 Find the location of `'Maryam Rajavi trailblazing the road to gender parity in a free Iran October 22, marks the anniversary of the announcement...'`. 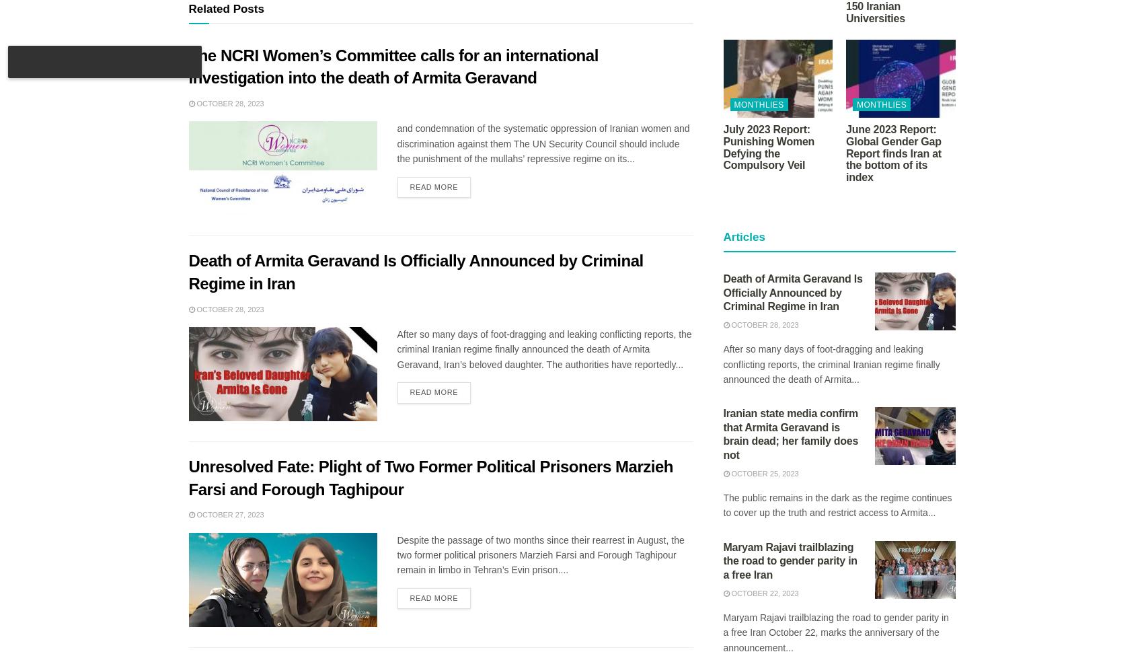

'Maryam Rajavi trailblazing the road to gender parity in a free Iran October 22, marks the anniversary of the announcement...' is located at coordinates (835, 632).